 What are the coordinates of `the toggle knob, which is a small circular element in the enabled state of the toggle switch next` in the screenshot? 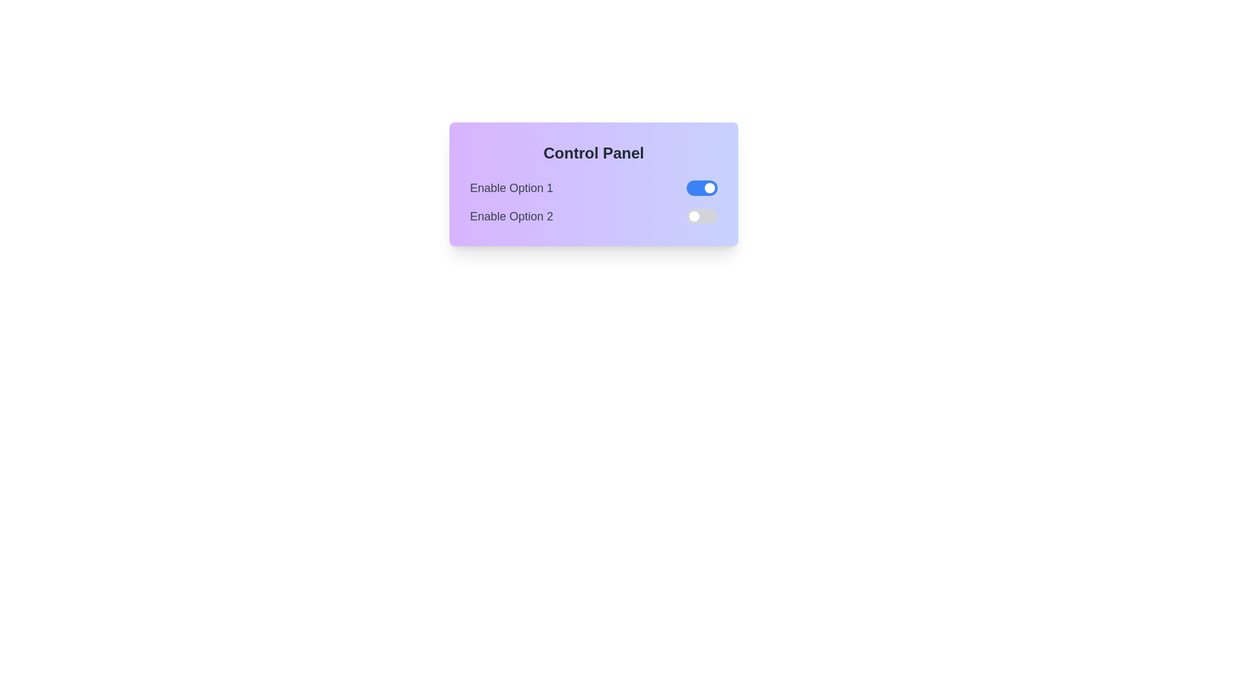 It's located at (709, 188).